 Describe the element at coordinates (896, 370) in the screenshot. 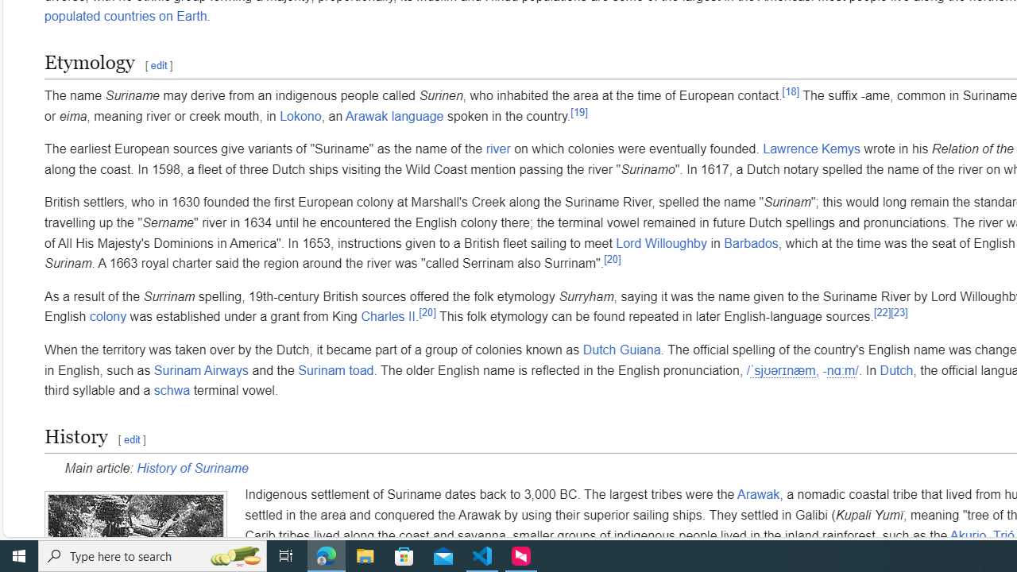

I see `'Dutch'` at that location.